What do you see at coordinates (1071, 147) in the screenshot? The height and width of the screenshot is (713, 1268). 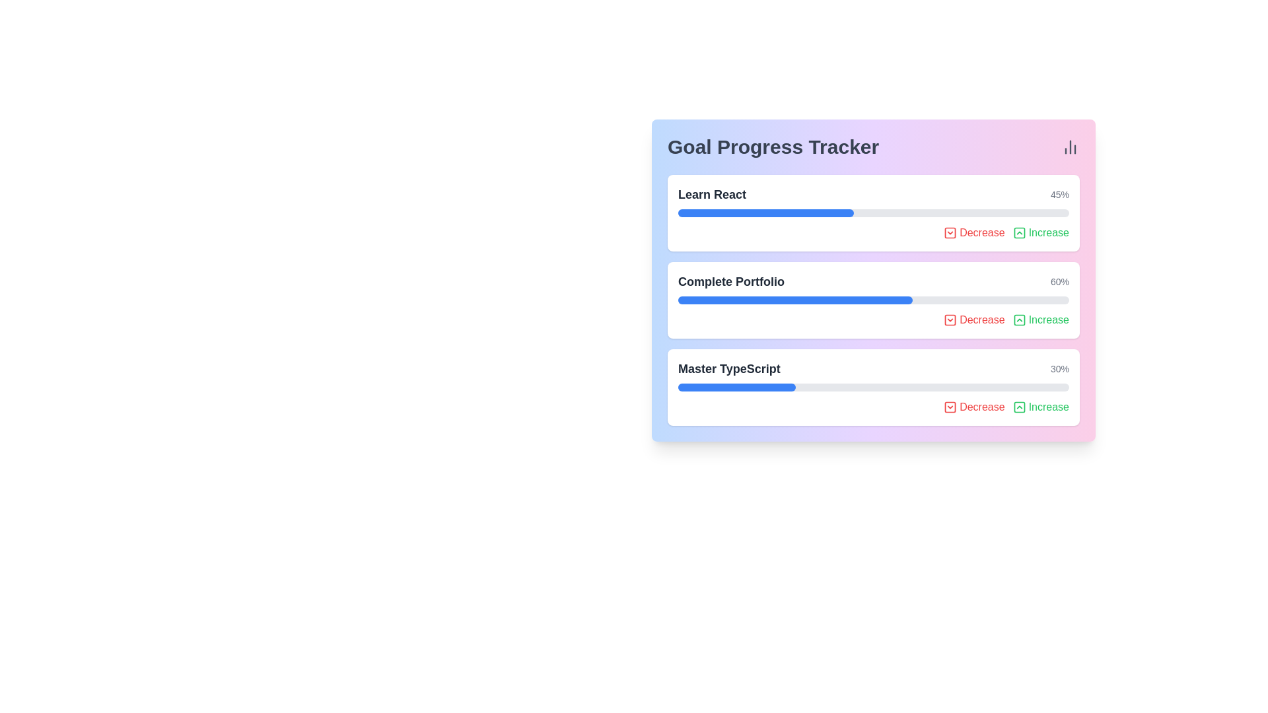 I see `the bar chart icon located at the top-right corner of the 'Goal Progress Tracker' header` at bounding box center [1071, 147].